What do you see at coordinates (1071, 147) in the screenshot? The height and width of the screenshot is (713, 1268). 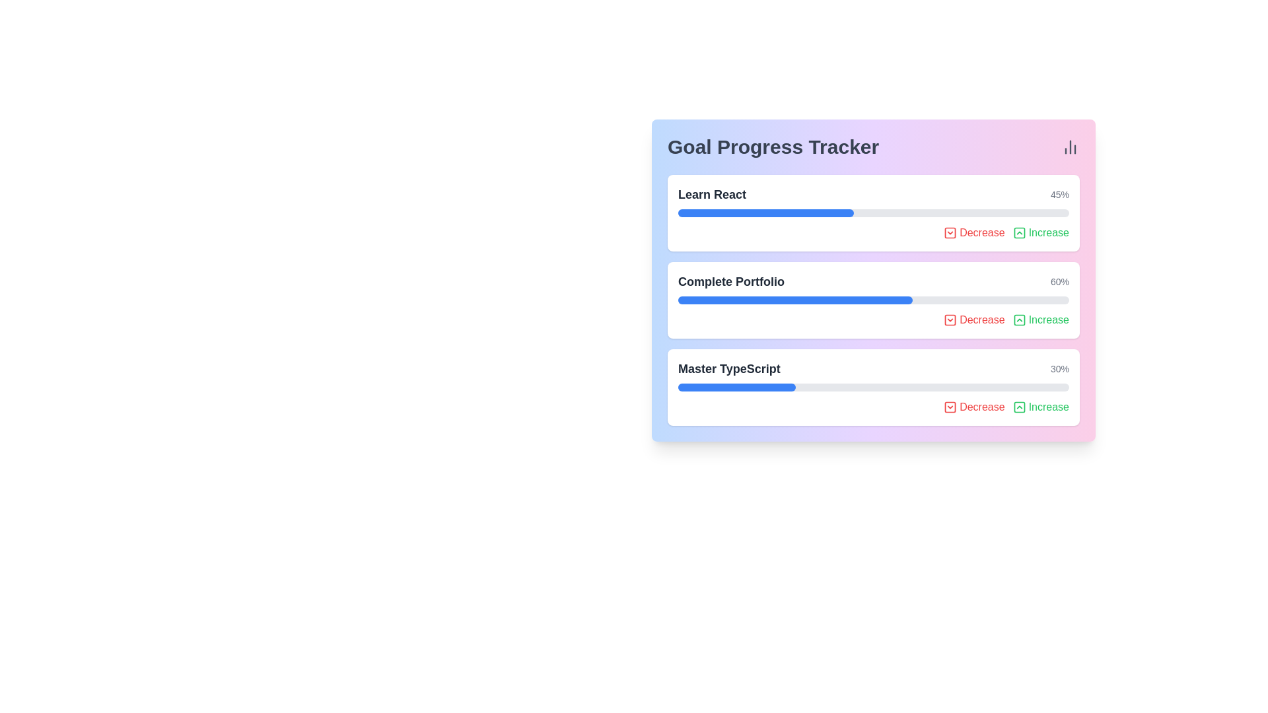 I see `the bar chart icon located at the top-right corner of the 'Goal Progress Tracker' header` at bounding box center [1071, 147].